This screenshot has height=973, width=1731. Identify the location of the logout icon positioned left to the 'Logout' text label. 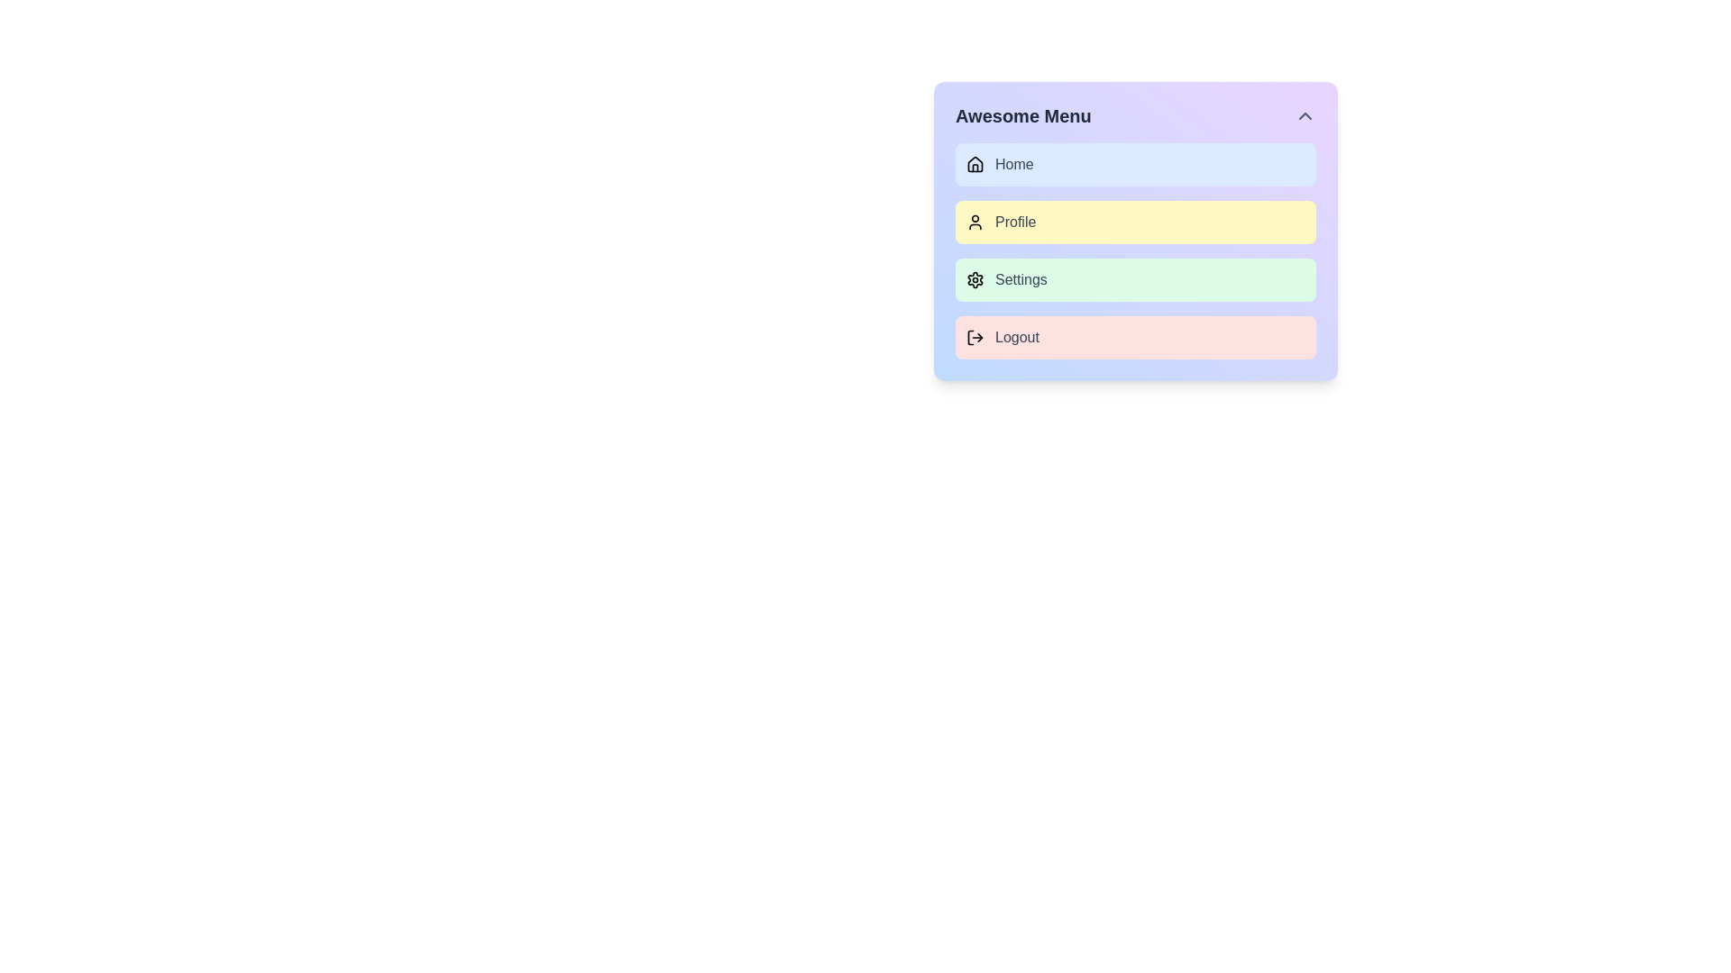
(974, 337).